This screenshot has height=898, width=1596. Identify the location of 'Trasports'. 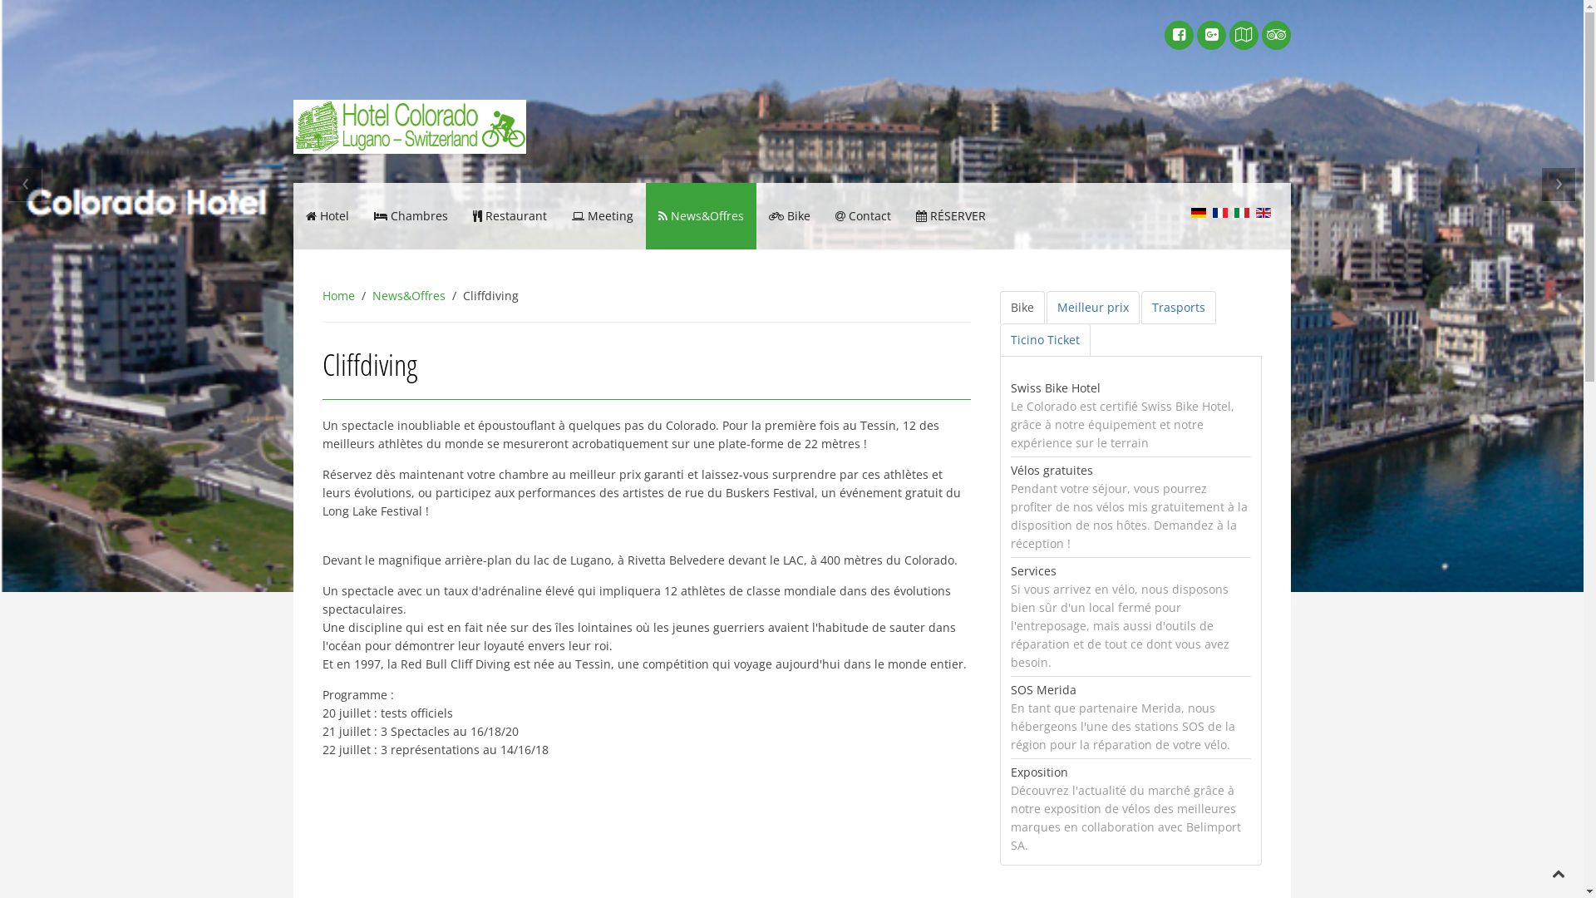
(1177, 308).